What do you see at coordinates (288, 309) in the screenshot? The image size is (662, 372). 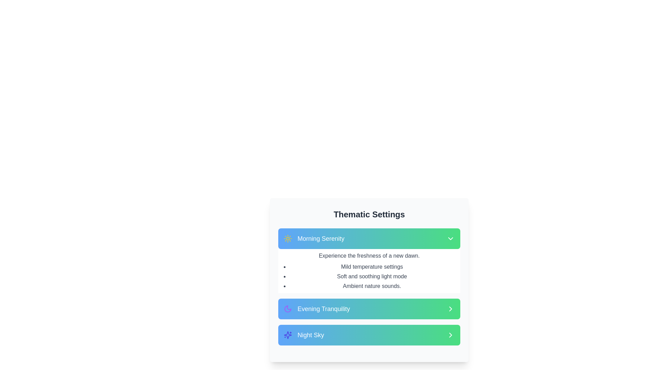 I see `the purple crescent moon SVG icon located in the 'Evening Tranquility' section, which is positioned on the left side ahead of the text content` at bounding box center [288, 309].